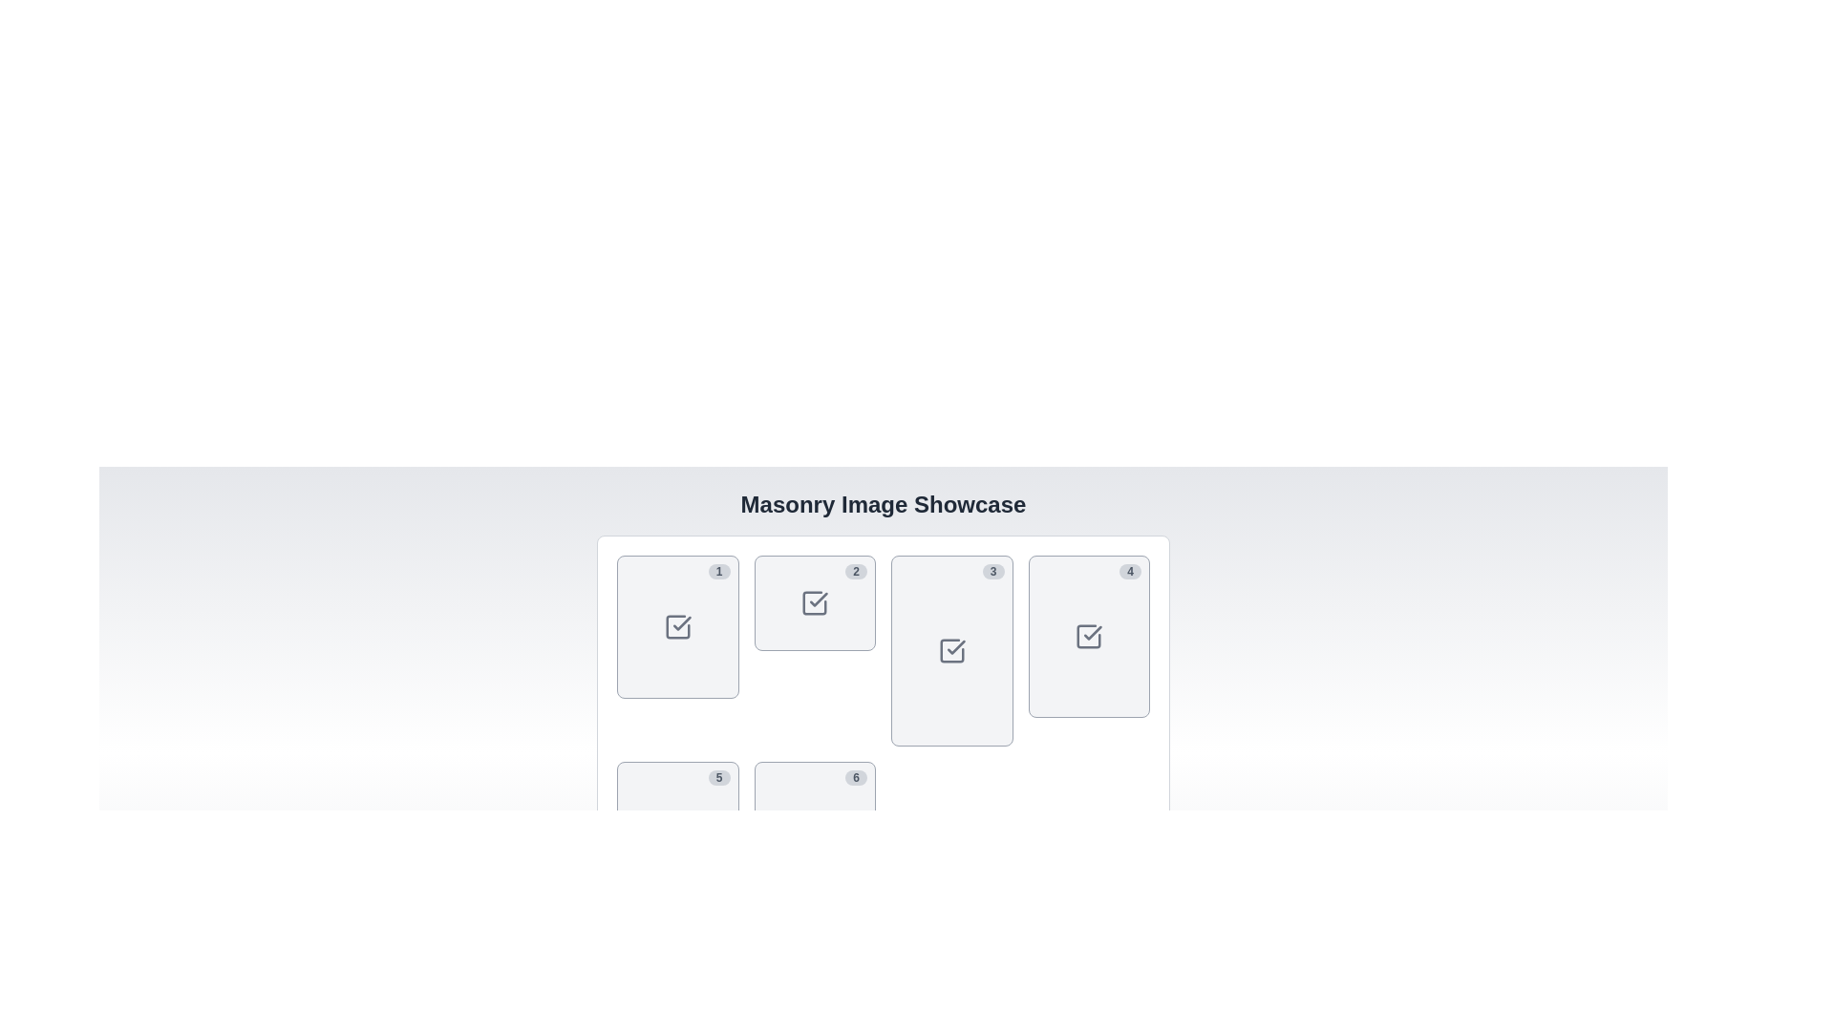 This screenshot has height=1031, width=1834. Describe the element at coordinates (677, 626) in the screenshot. I see `the checkbox icon with a checkmark inside, located centrally within the first card labeled with the number 1` at that location.